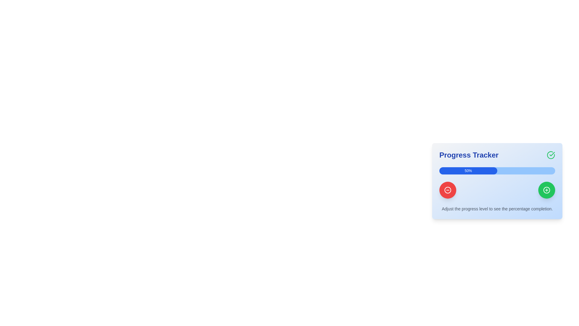 The width and height of the screenshot is (579, 326). I want to click on the circular green button with a white plus icon located on the right side of another button, so click(547, 190).